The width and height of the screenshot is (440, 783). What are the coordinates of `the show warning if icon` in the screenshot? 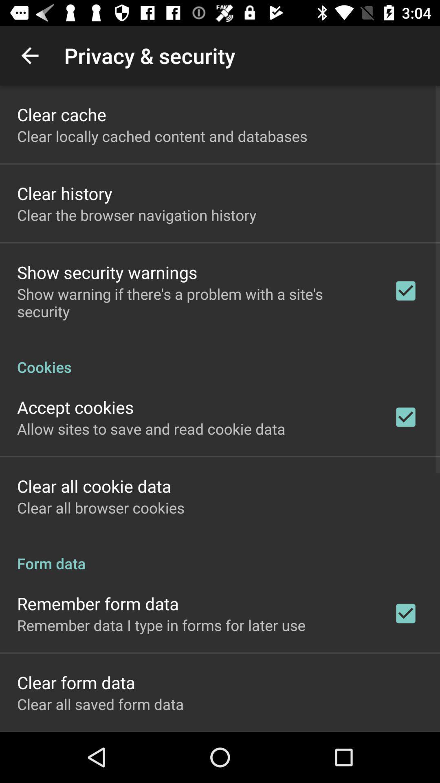 It's located at (194, 302).